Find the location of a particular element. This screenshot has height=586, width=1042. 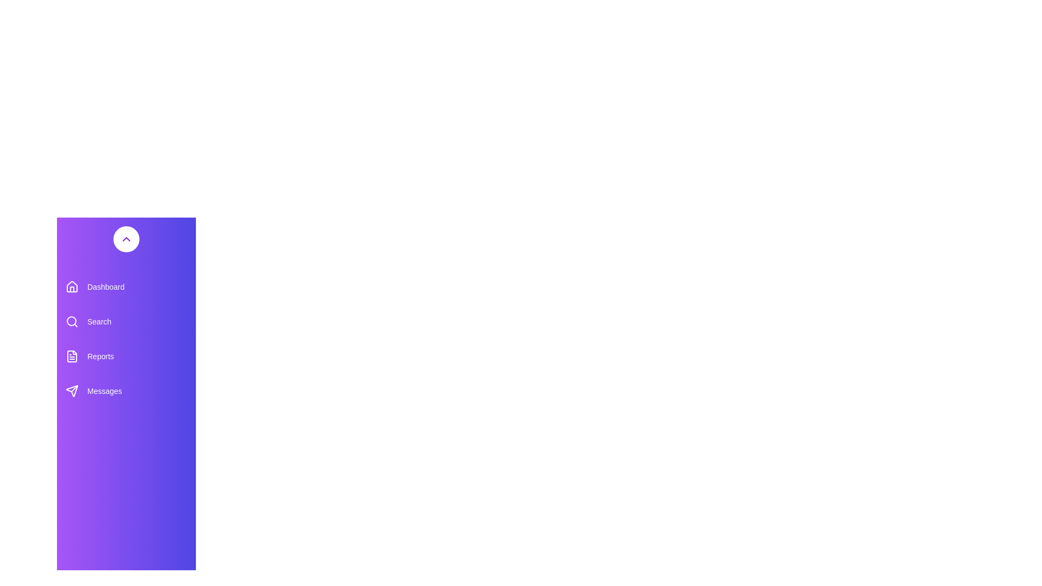

the 'Send' icon in the 'Messages' section of the vertical navigation menu is located at coordinates (72, 391).